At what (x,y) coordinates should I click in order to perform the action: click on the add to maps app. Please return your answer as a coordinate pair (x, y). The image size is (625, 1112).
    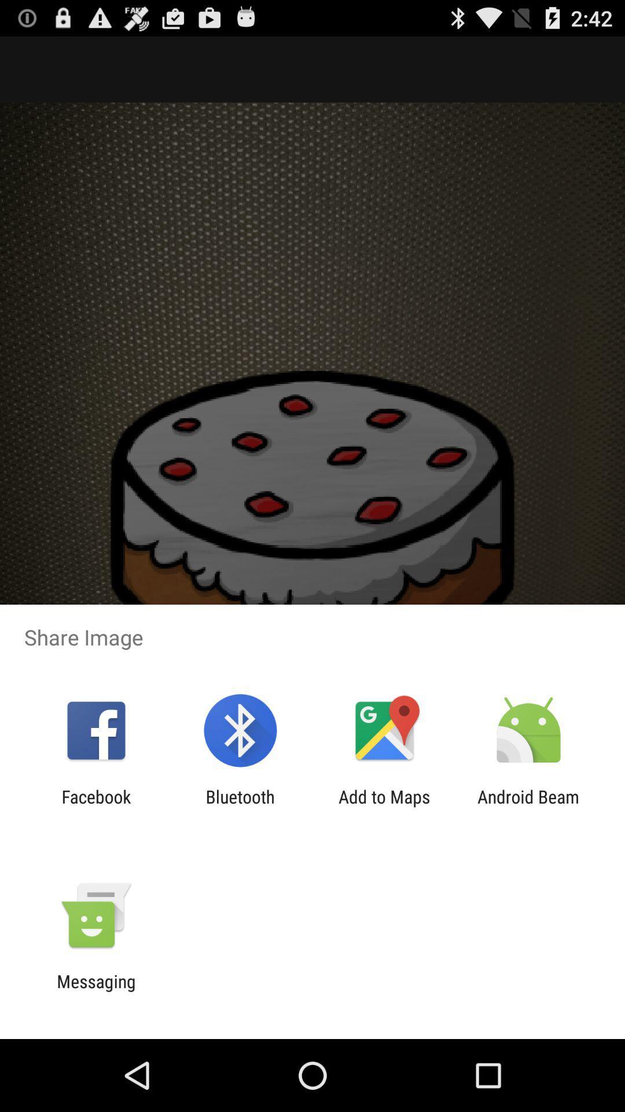
    Looking at the image, I should click on (384, 806).